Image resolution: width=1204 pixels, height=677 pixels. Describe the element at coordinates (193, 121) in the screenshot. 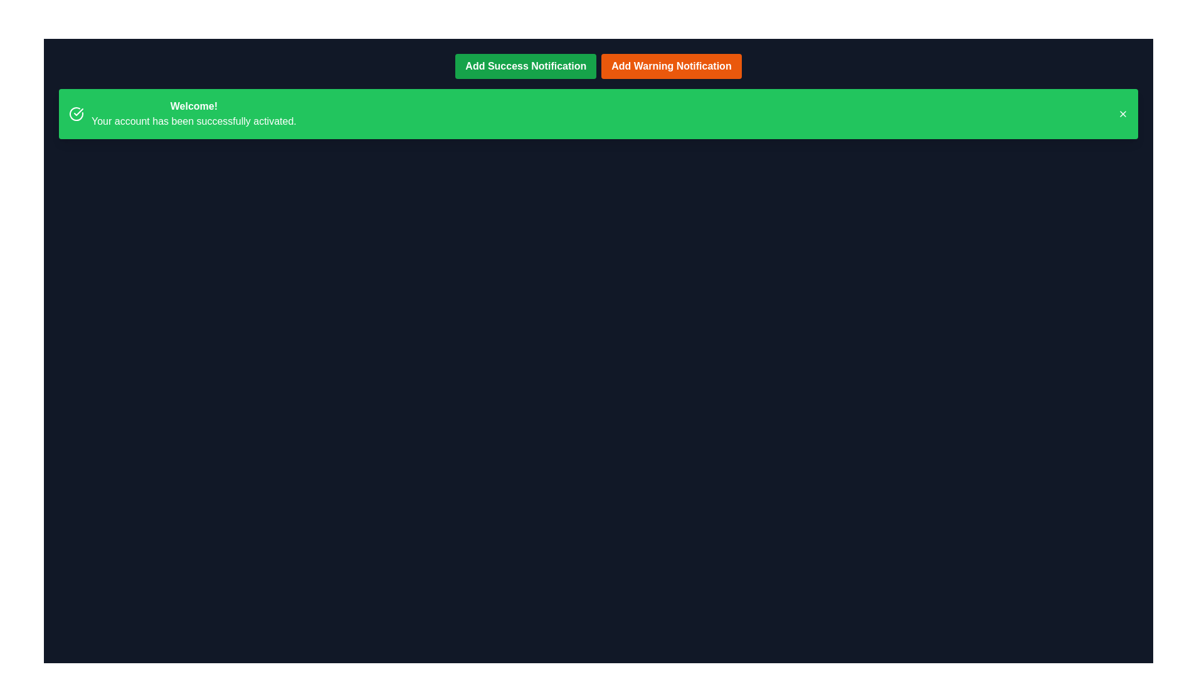

I see `the text label displaying 'Your account has been successfully activated.' which is styled in a light font on a green background, located below the 'Welcome!' text in the notification bar` at that location.